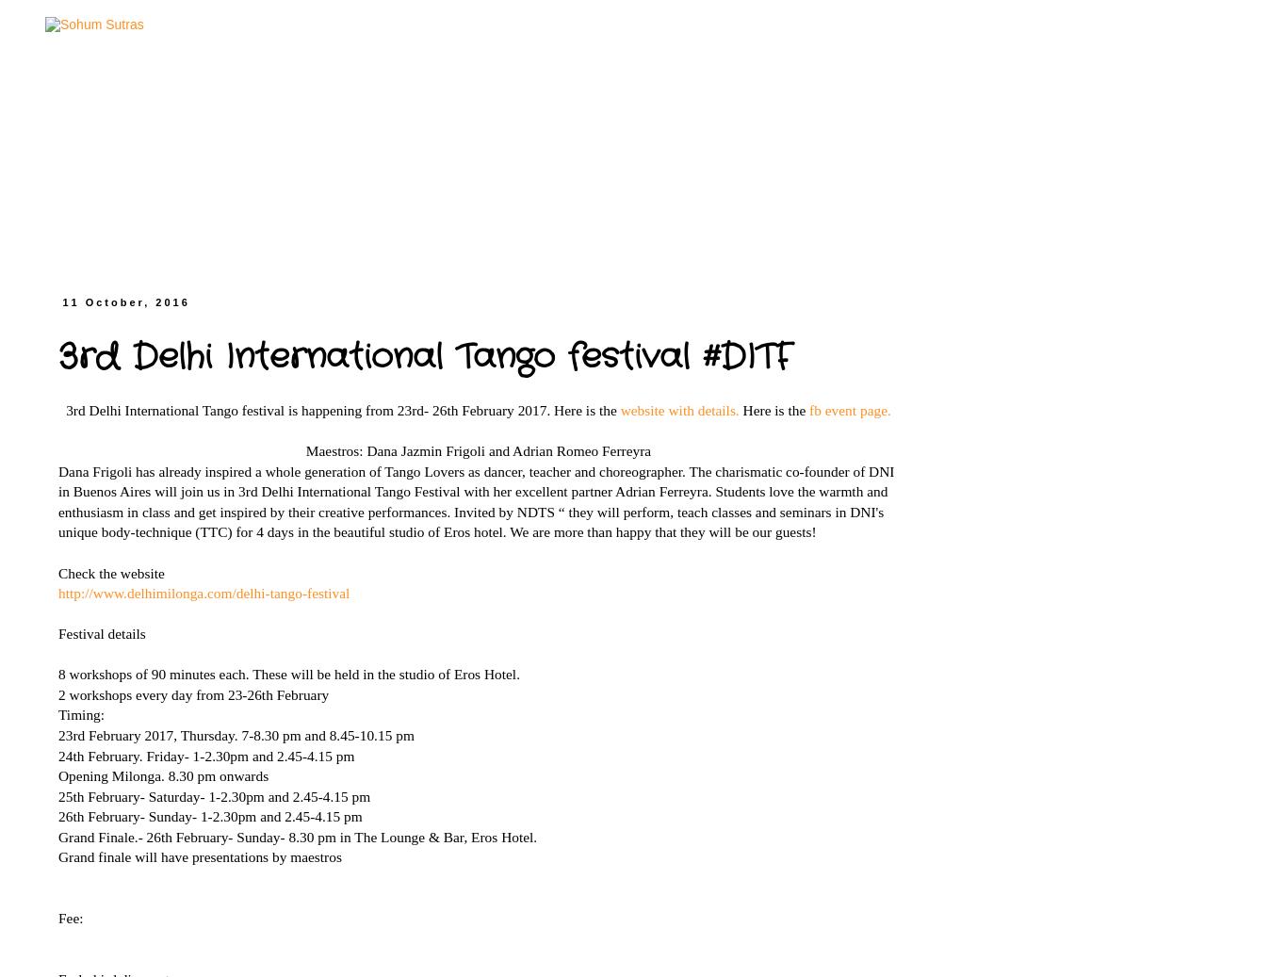 The image size is (1270, 977). What do you see at coordinates (773, 409) in the screenshot?
I see `'Here is the'` at bounding box center [773, 409].